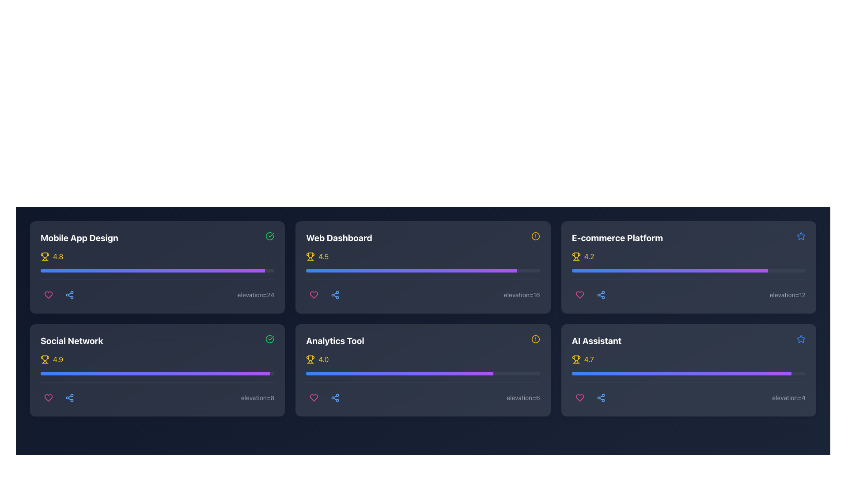 Image resolution: width=848 pixels, height=477 pixels. Describe the element at coordinates (576, 257) in the screenshot. I see `the yellow outlined trophy icon associated with the score '4.2' in the 'E-commerce Platform' card` at that location.